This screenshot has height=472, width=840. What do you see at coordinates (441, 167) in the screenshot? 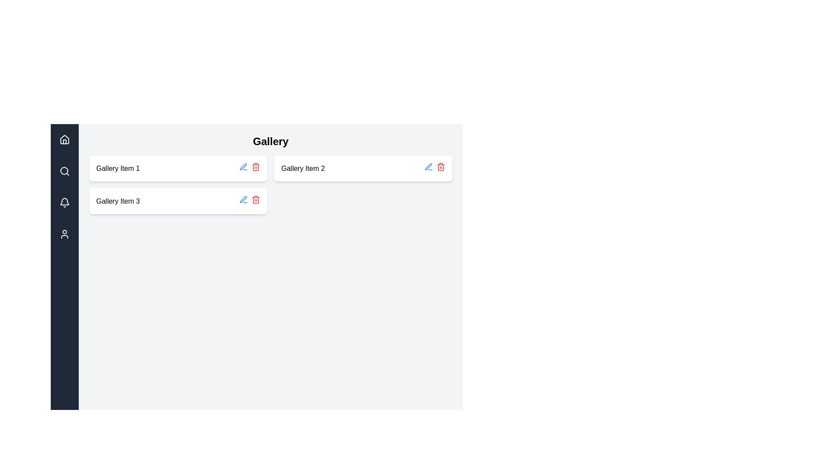
I see `the trash can icon located to the bottom right of 'Gallery Item 2', which represents the delete operation` at bounding box center [441, 167].